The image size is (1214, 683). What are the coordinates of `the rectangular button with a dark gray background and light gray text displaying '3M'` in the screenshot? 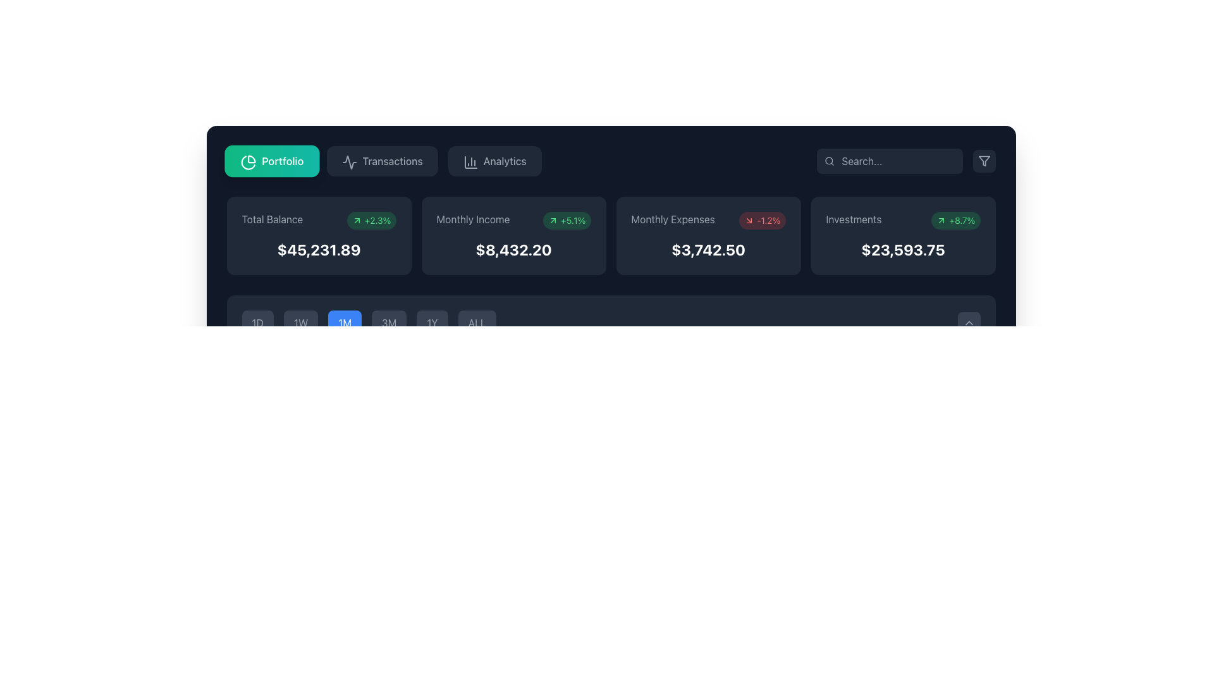 It's located at (388, 322).